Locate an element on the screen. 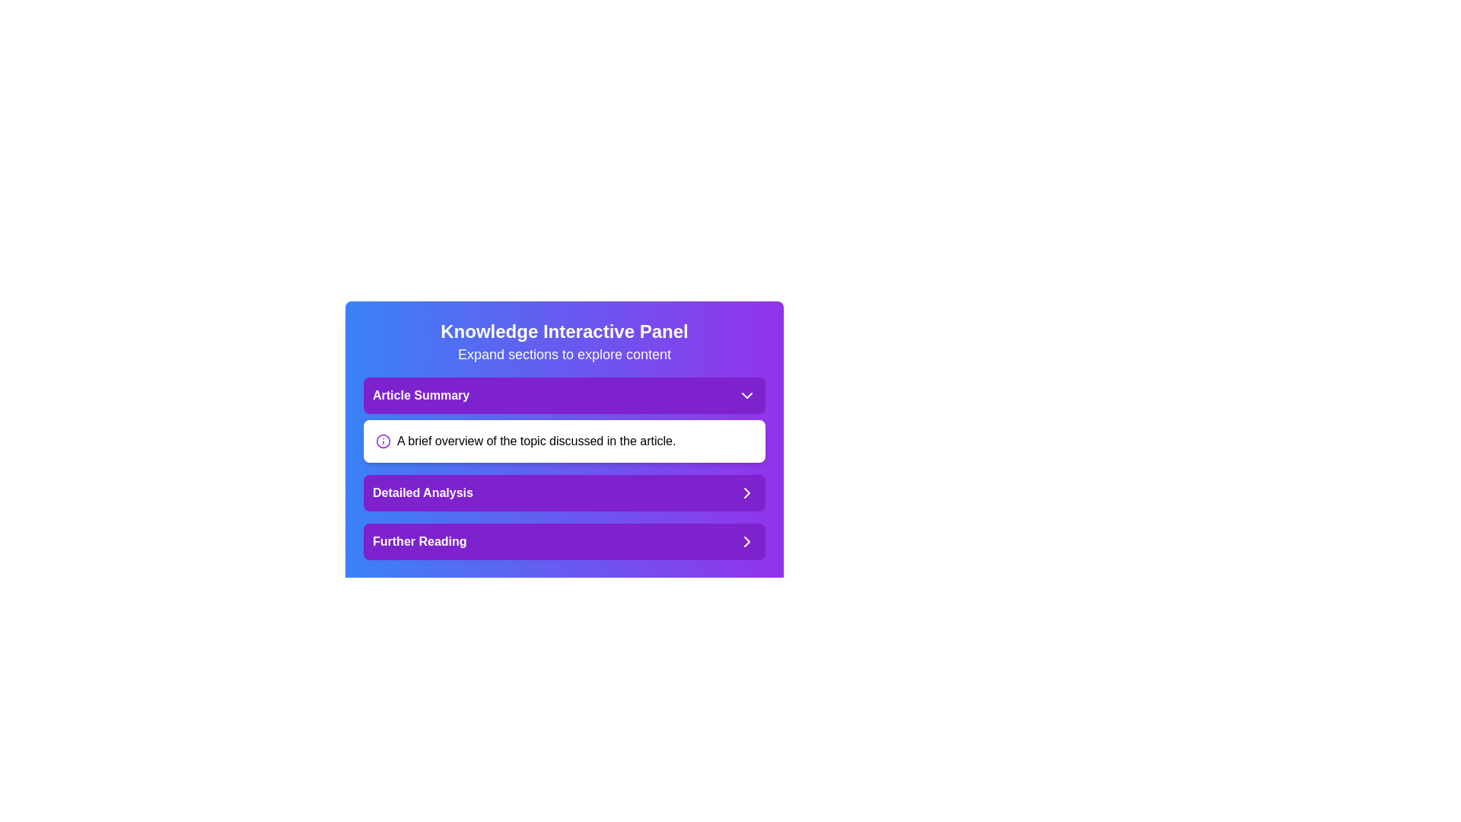 This screenshot has height=822, width=1461. SVG code of the circular element representing an information symbol located within the 'Article Summary' section, adjacent to the left of the description text is located at coordinates (384, 441).